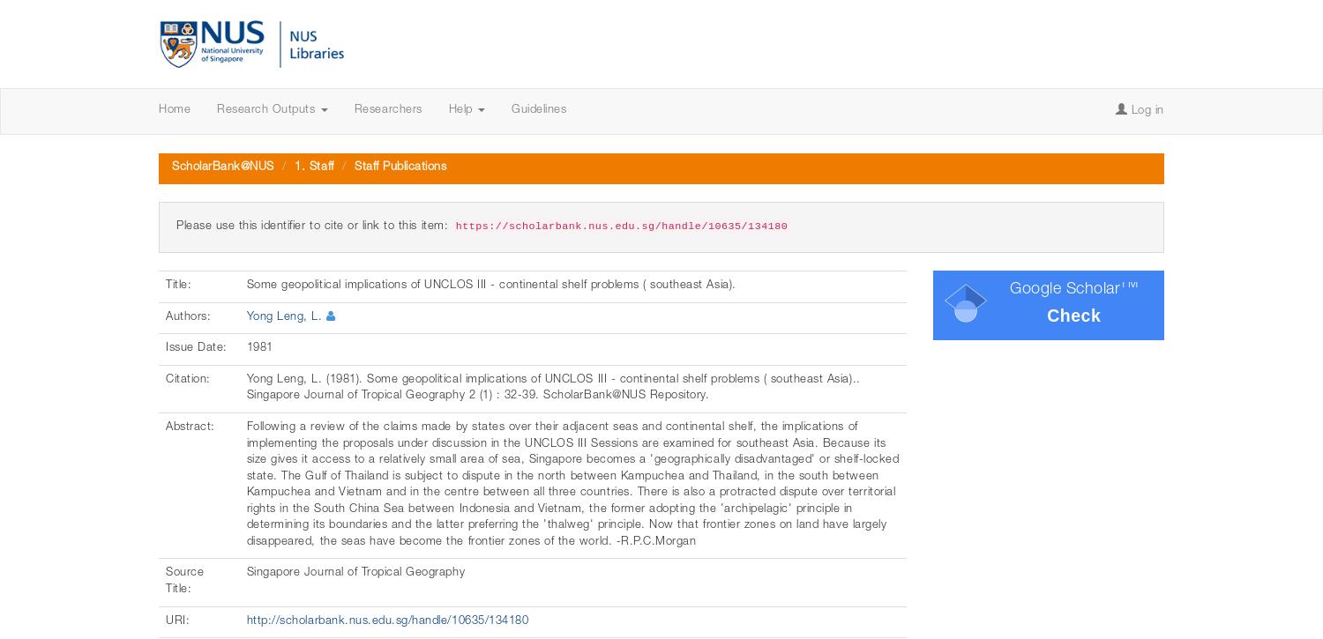  What do you see at coordinates (386, 620) in the screenshot?
I see `'http://scholarbank.nus.edu.sg/handle/10635/134180'` at bounding box center [386, 620].